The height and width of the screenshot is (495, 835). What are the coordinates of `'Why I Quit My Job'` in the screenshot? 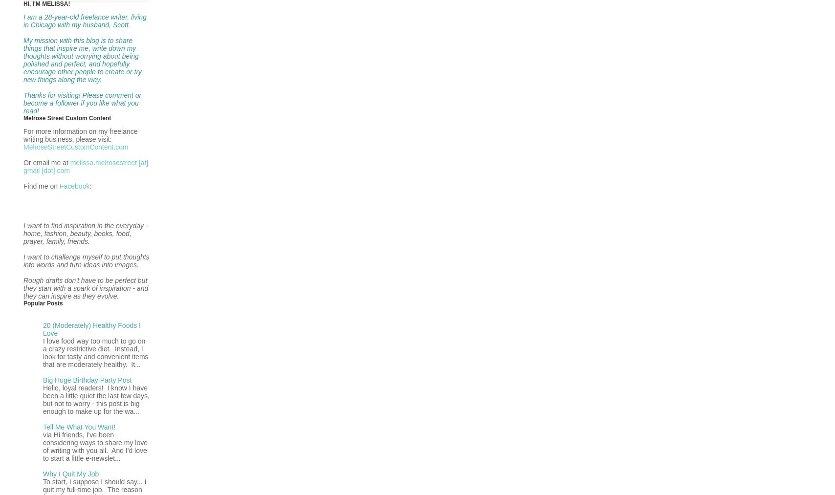 It's located at (71, 473).